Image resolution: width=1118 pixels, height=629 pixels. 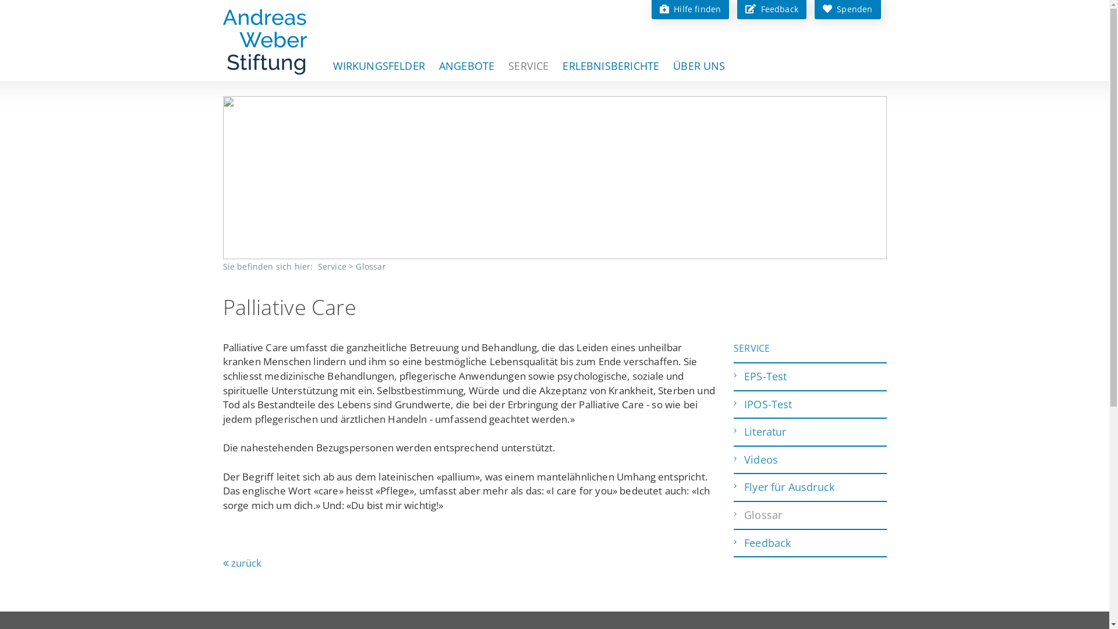 I want to click on 'ERLEBNISBERICHTE', so click(x=610, y=65).